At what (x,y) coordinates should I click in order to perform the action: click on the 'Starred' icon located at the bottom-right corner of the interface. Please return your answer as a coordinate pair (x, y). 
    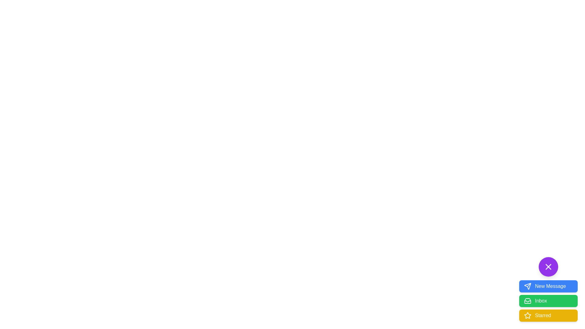
    Looking at the image, I should click on (527, 315).